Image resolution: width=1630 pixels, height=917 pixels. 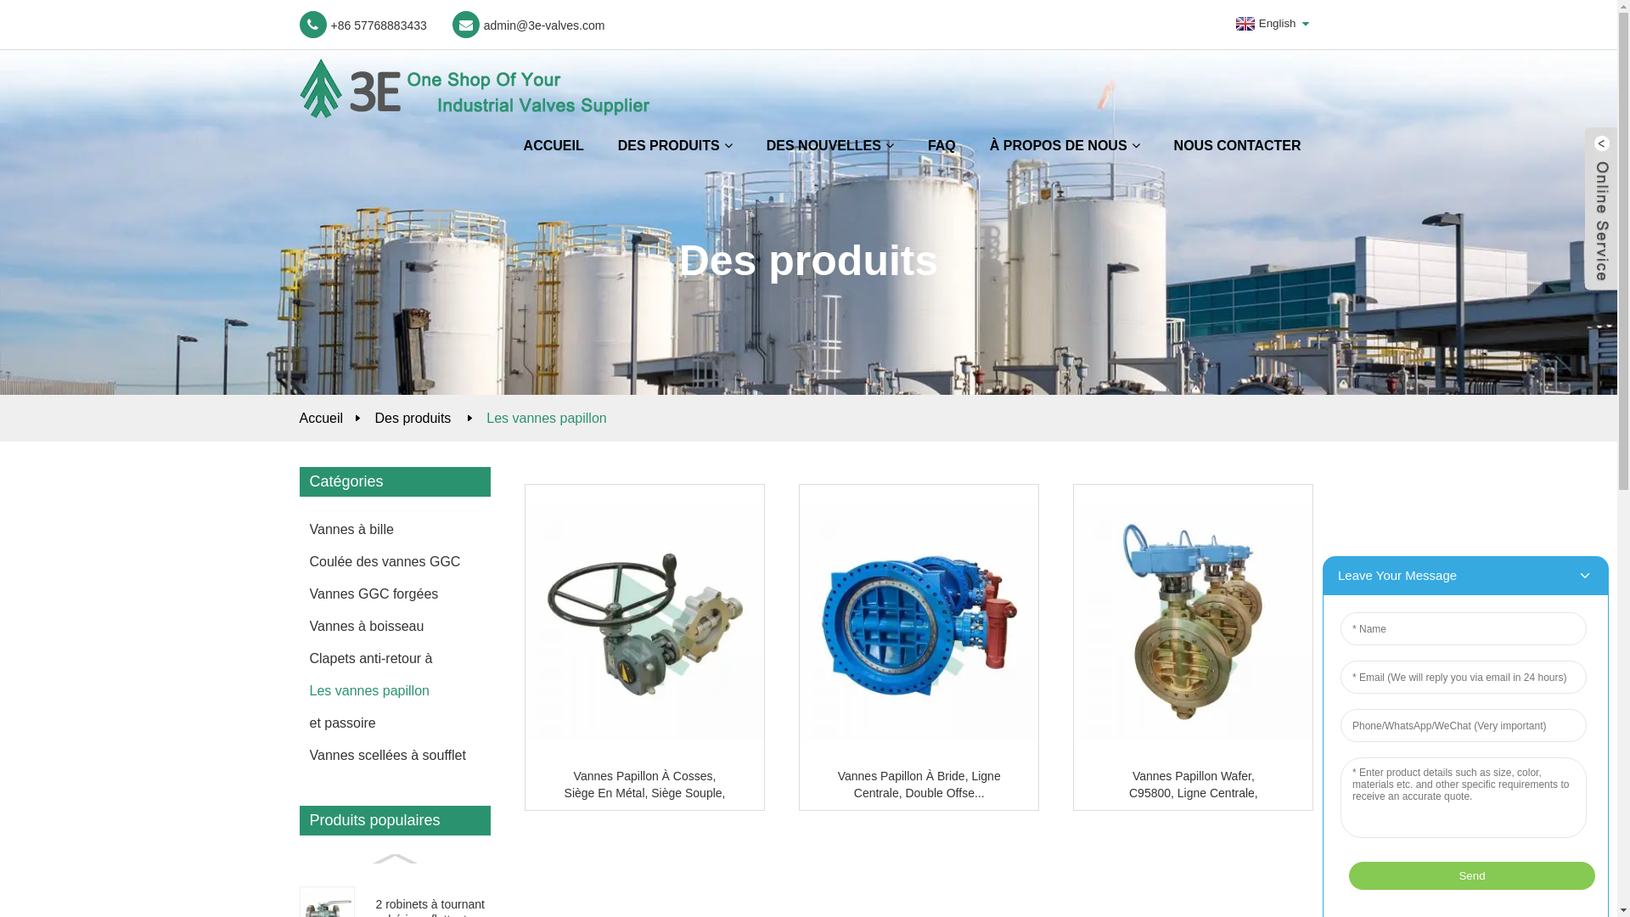 I want to click on 'Les vannes papillon', so click(x=390, y=690).